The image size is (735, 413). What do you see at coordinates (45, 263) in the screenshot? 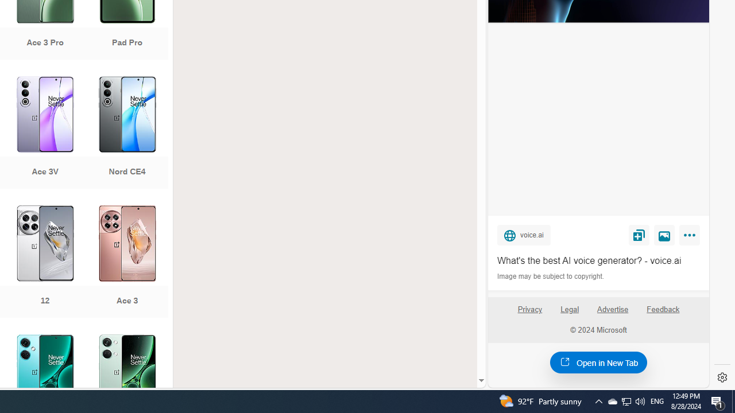
I see `'12'` at bounding box center [45, 263].